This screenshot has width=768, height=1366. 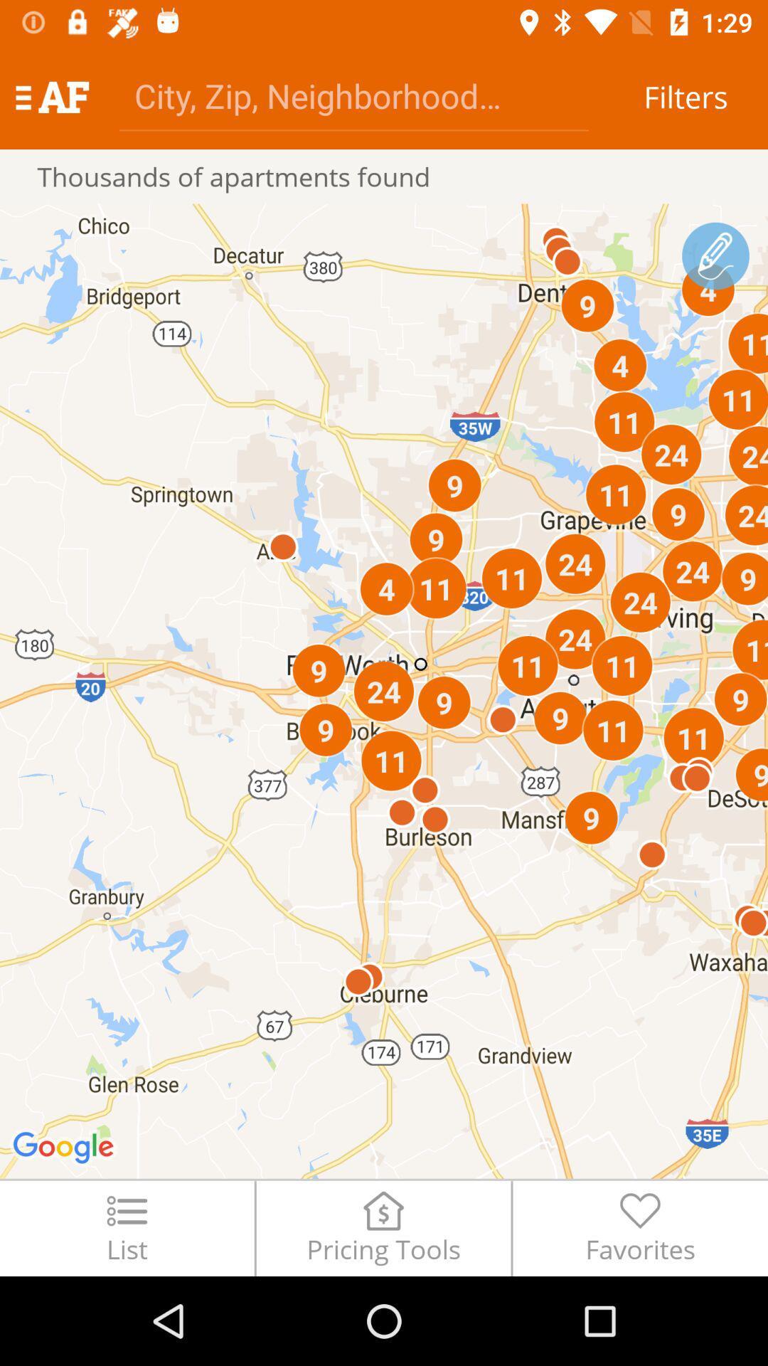 I want to click on item below thousands of apartments item, so click(x=384, y=691).